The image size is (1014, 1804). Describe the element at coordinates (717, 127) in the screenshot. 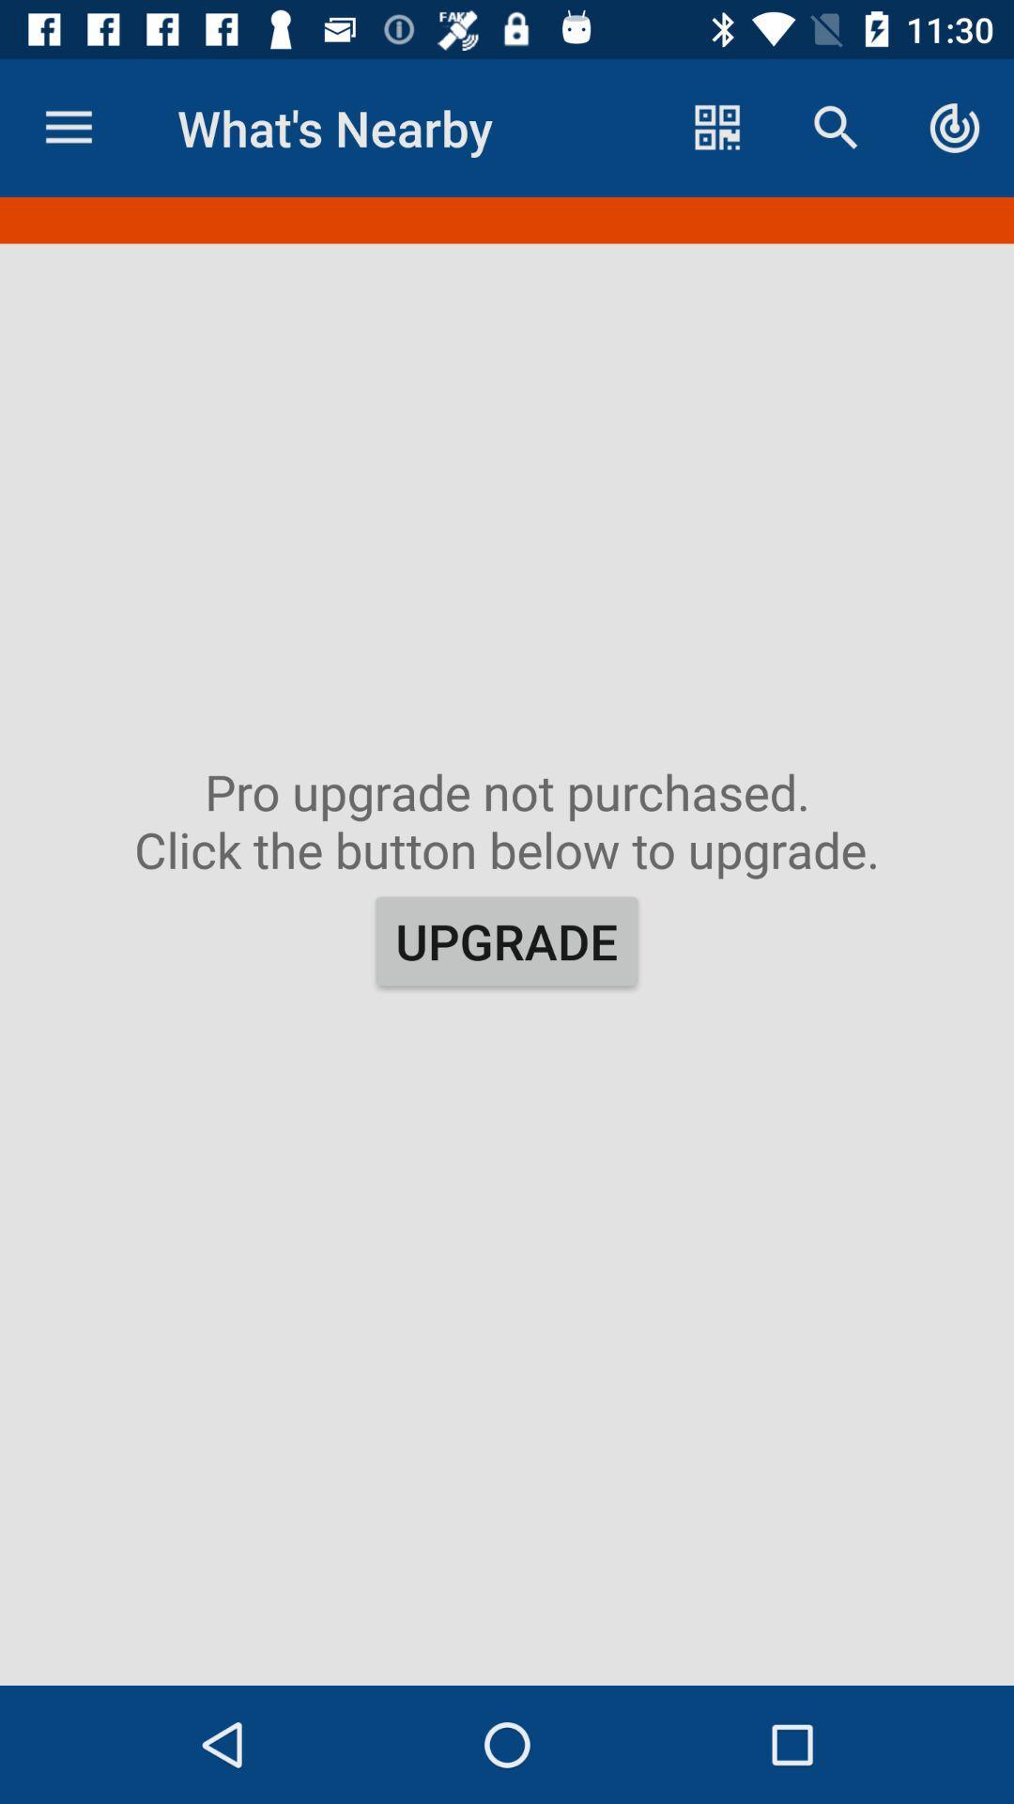

I see `the icon next to the what's nearby` at that location.